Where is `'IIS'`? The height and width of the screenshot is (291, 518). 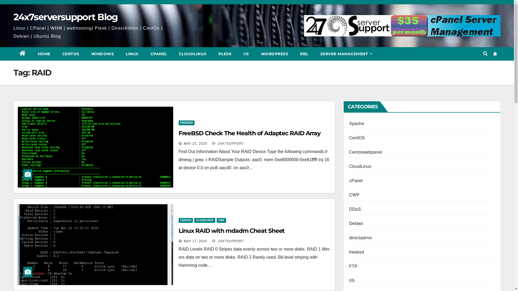 'IIS' is located at coordinates (246, 54).